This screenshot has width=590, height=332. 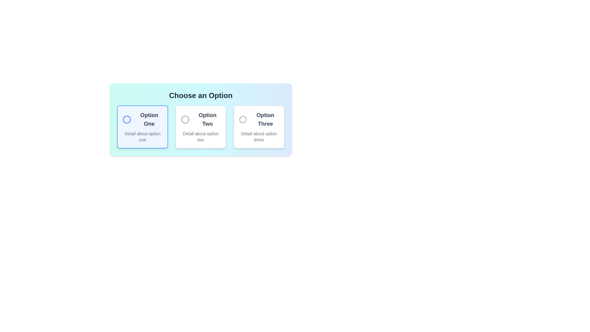 I want to click on the circular visual indicator within the first card labeled 'Option One', so click(x=126, y=120).